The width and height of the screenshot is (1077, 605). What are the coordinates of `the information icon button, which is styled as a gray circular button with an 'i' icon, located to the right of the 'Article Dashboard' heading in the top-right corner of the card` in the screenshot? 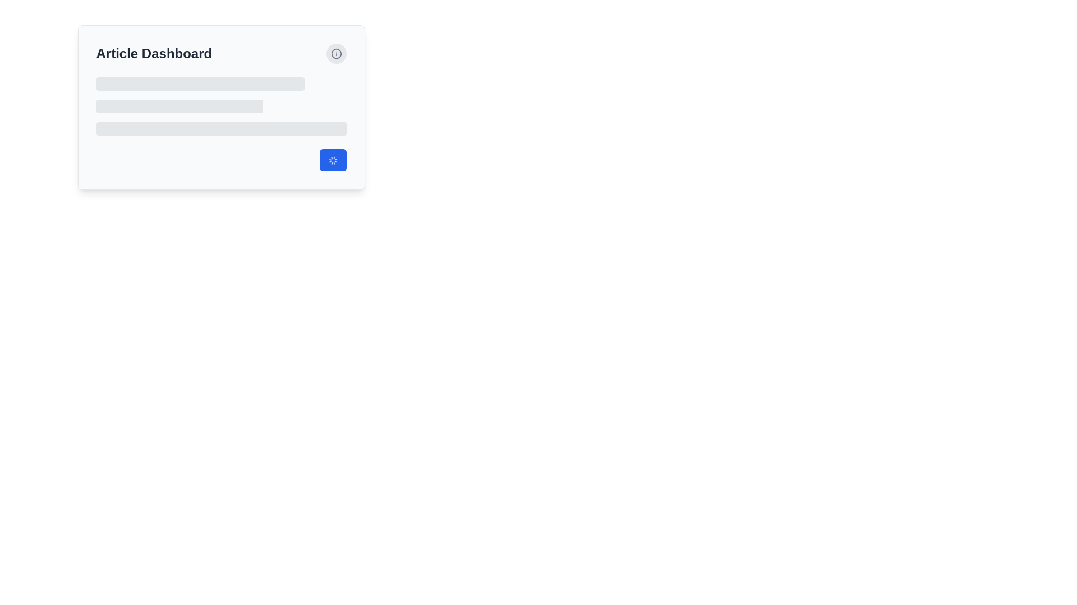 It's located at (335, 54).